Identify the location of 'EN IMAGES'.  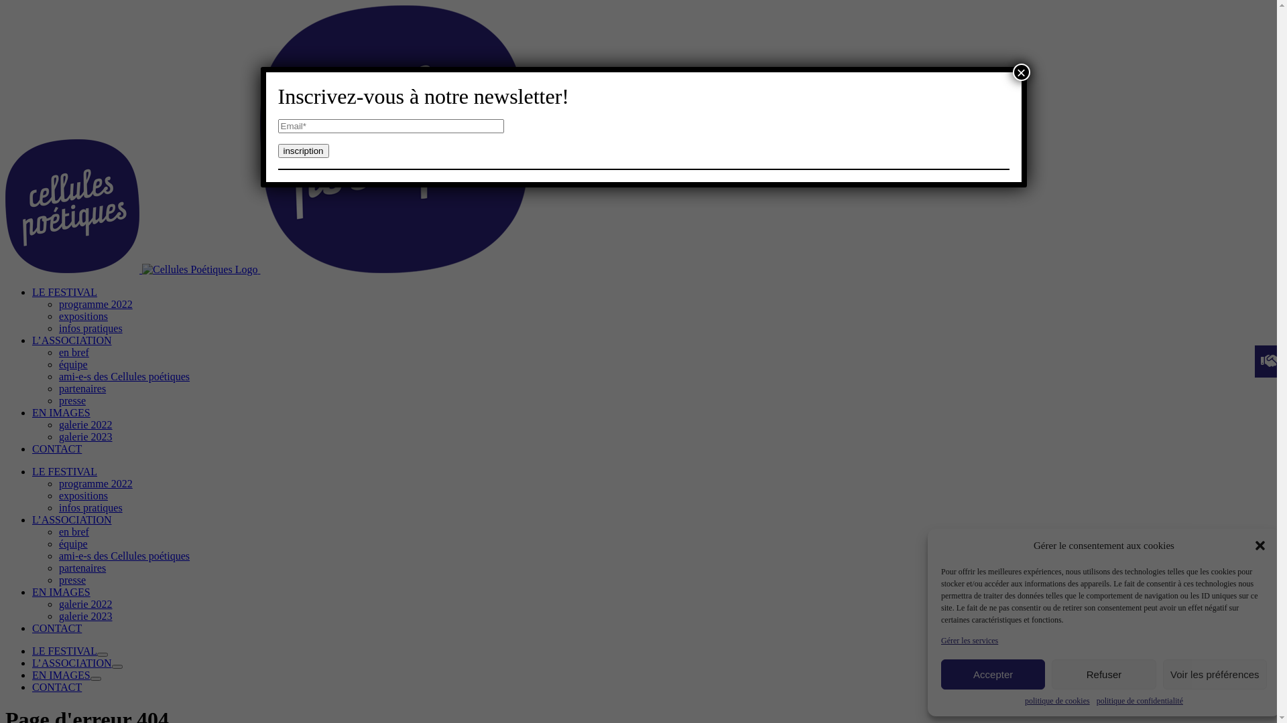
(60, 412).